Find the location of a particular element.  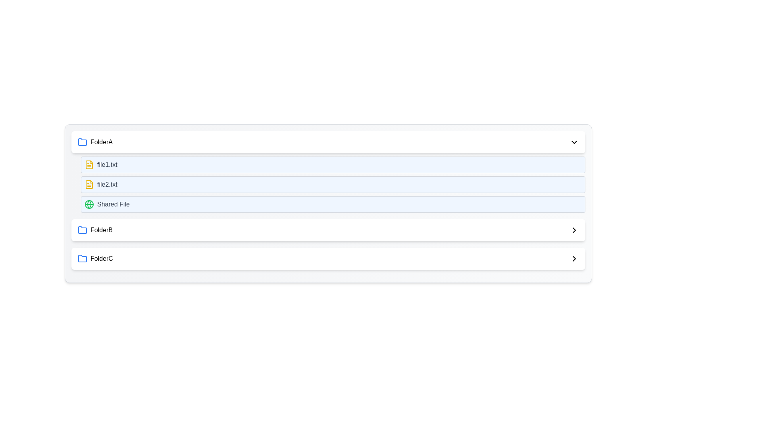

the folder icon indicating 'FolderB' is located at coordinates (82, 229).